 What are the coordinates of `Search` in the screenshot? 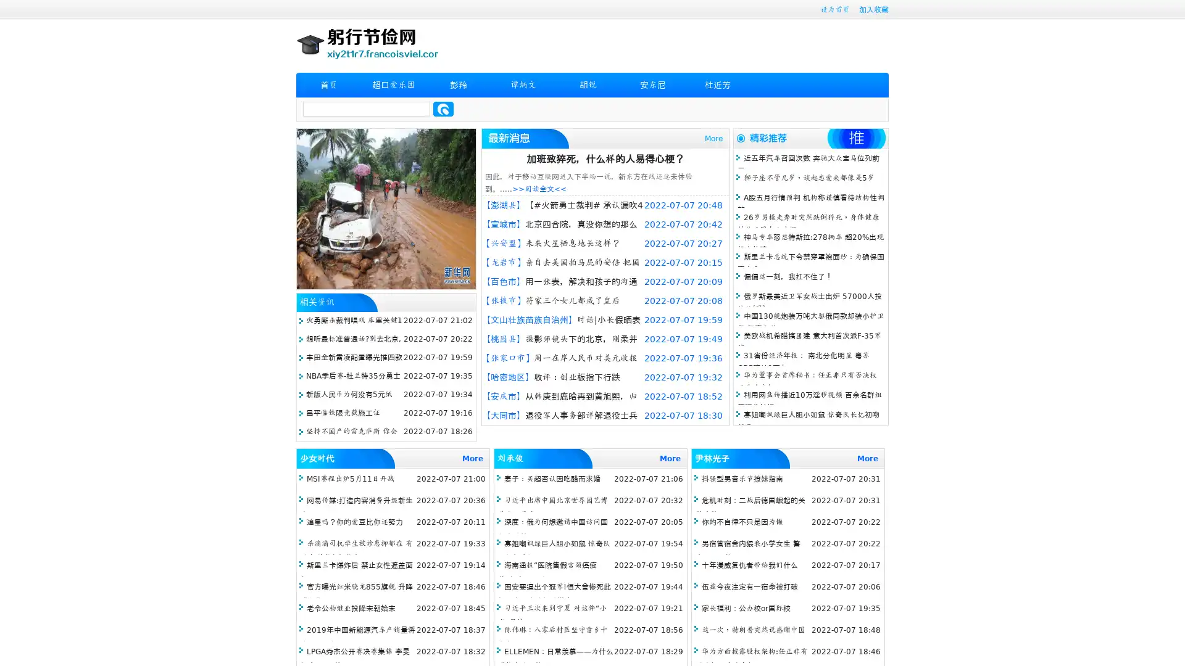 It's located at (443, 109).